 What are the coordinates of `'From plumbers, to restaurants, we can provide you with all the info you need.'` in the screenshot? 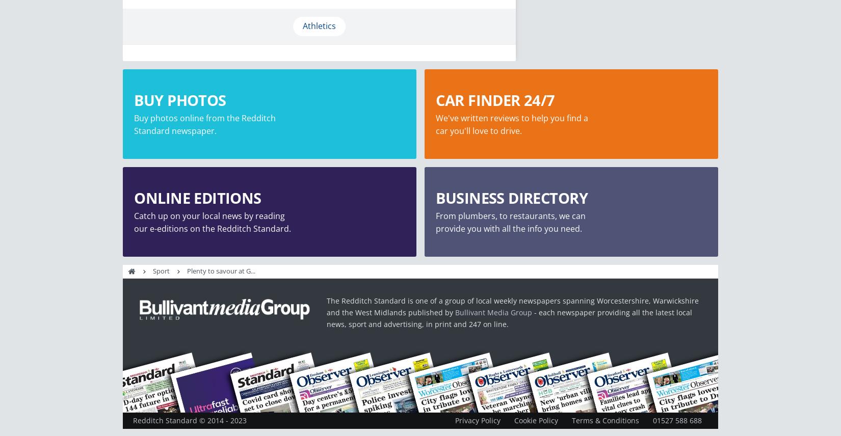 It's located at (511, 222).